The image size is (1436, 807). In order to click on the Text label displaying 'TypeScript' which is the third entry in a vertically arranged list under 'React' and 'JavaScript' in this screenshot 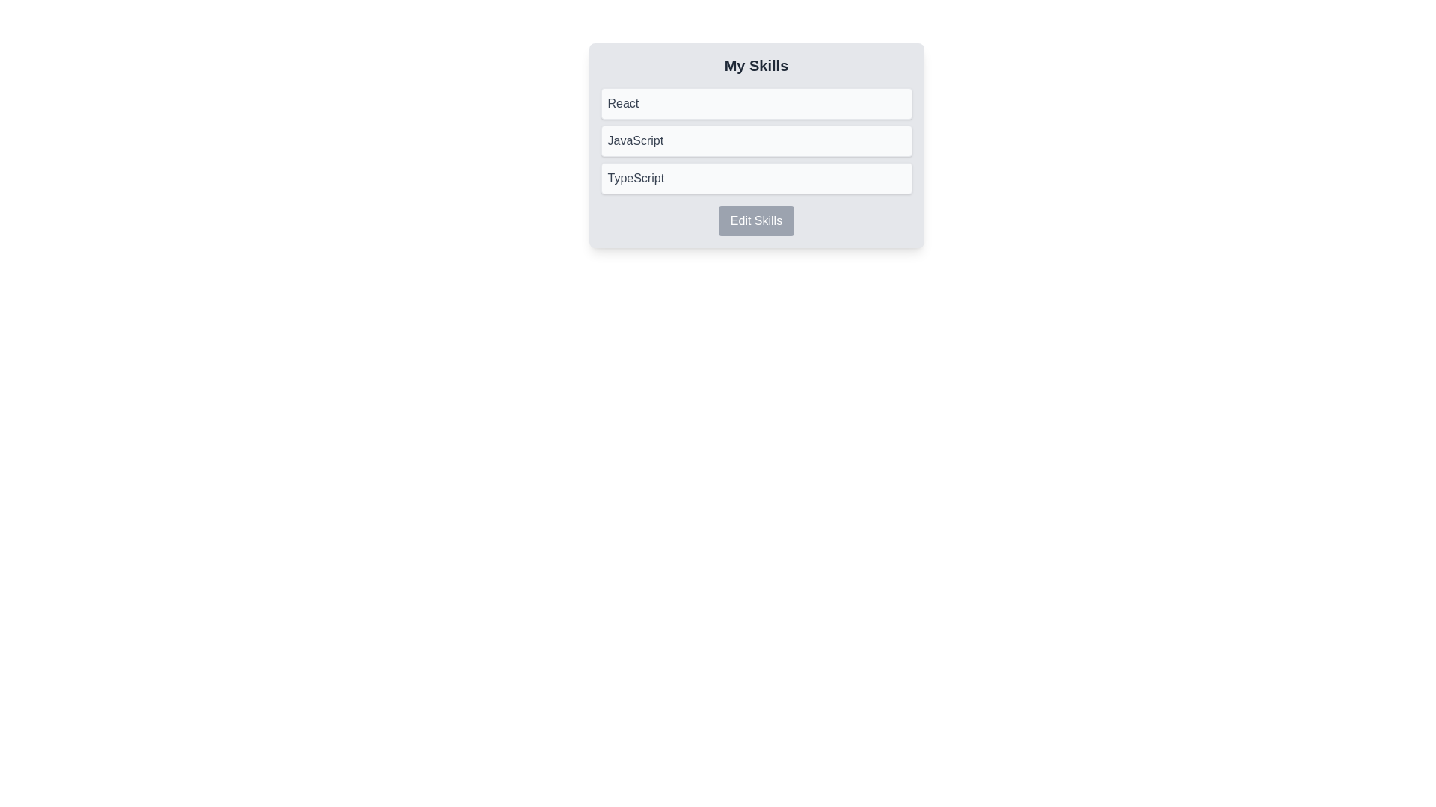, I will do `click(636, 178)`.